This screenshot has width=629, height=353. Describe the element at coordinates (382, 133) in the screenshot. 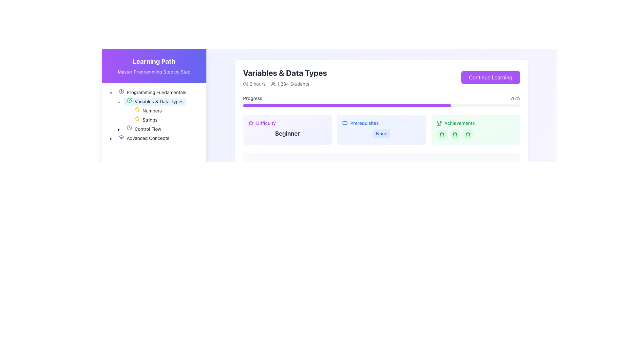

I see `the Informational Badge located in the 'Prerequisites' section, which indicates there are no prerequisites for the associated content or course` at that location.